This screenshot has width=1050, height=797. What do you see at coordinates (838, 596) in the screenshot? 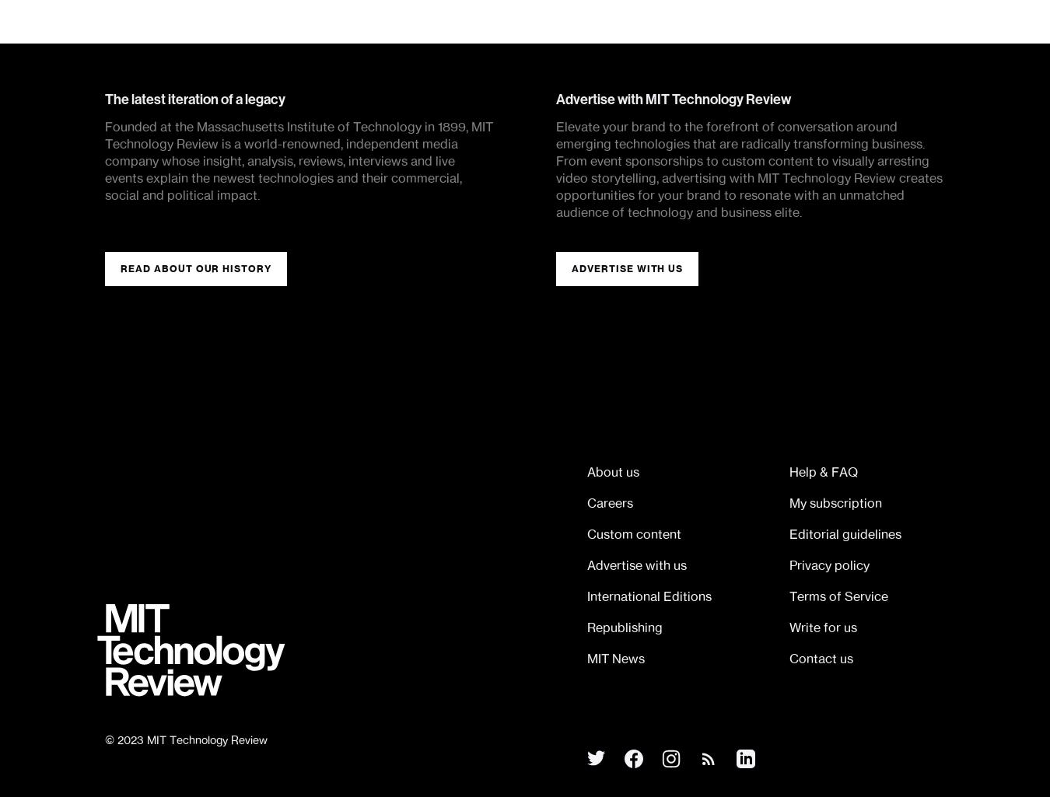
I see `'Terms of Service'` at bounding box center [838, 596].